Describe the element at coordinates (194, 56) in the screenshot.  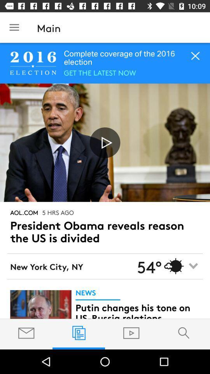
I see `the cross button in the top` at that location.